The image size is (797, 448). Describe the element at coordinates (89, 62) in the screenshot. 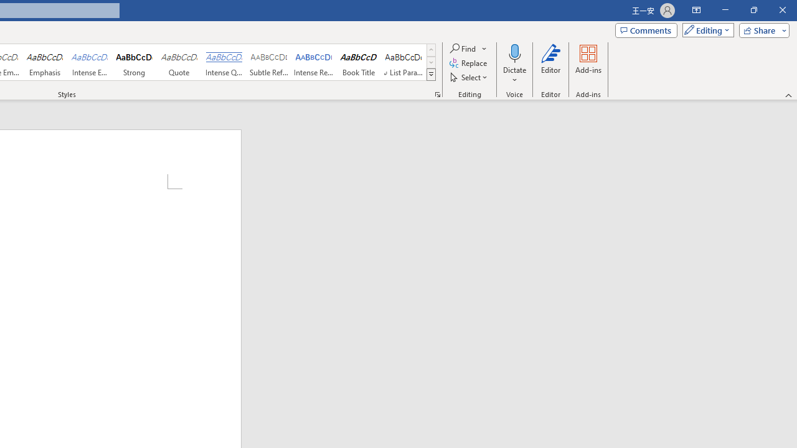

I see `'Intense Emphasis'` at that location.